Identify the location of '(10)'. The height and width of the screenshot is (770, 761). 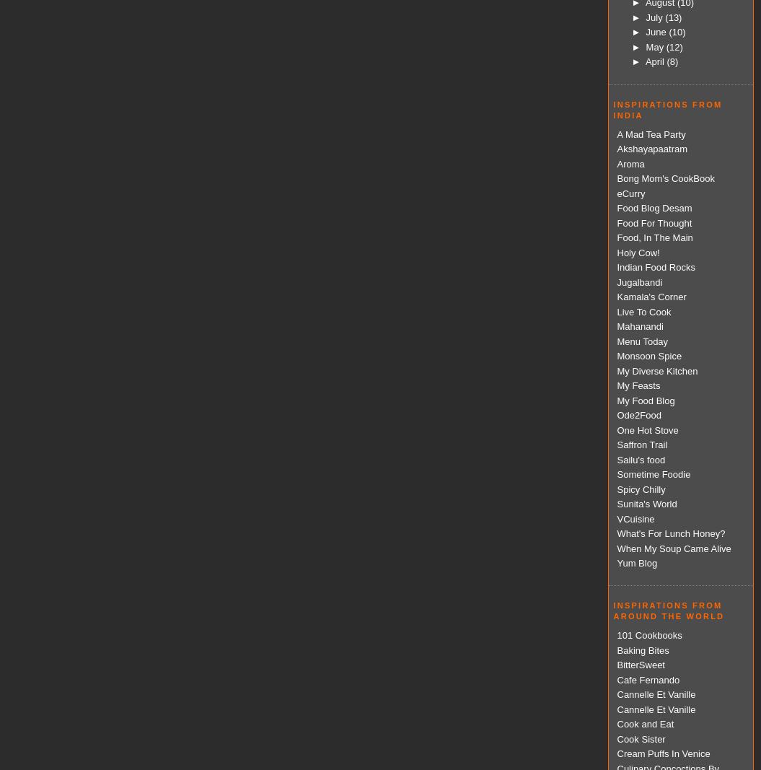
(677, 31).